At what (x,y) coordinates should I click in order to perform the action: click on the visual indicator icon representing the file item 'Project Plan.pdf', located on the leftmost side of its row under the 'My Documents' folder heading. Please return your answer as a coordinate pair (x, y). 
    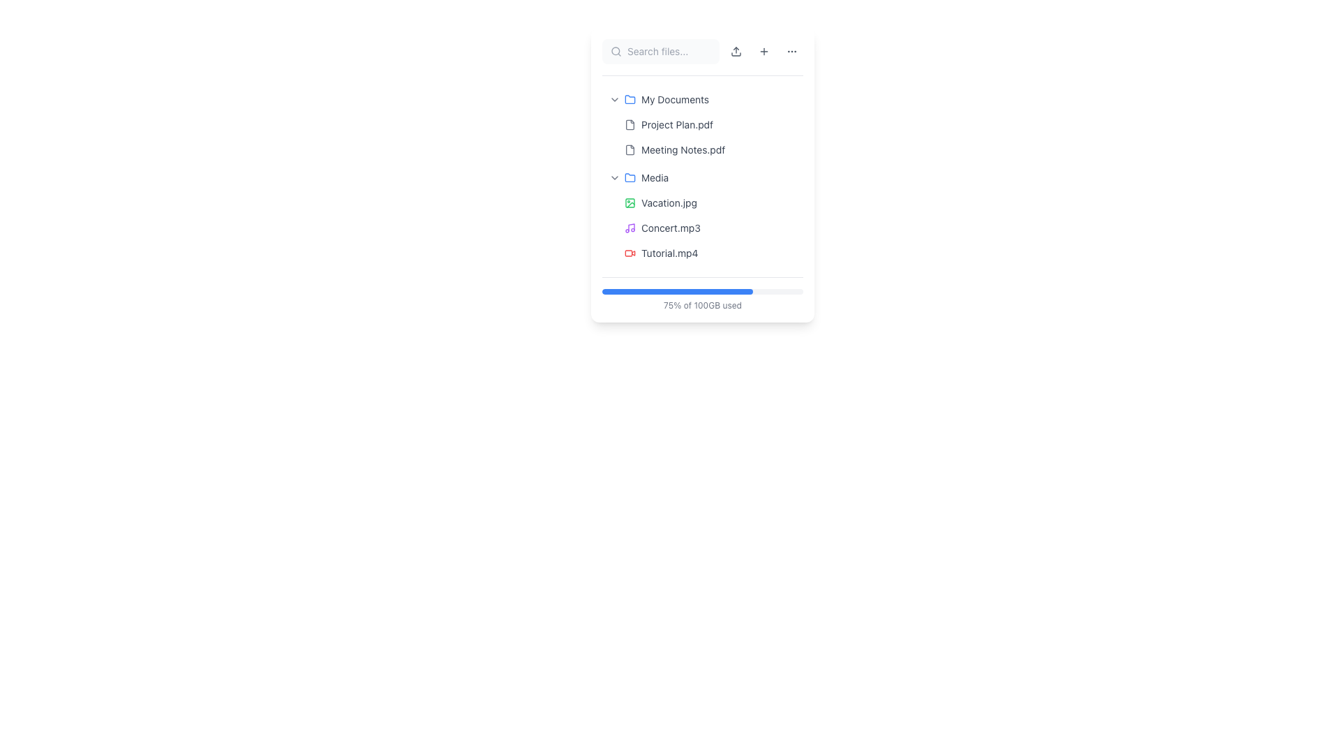
    Looking at the image, I should click on (629, 124).